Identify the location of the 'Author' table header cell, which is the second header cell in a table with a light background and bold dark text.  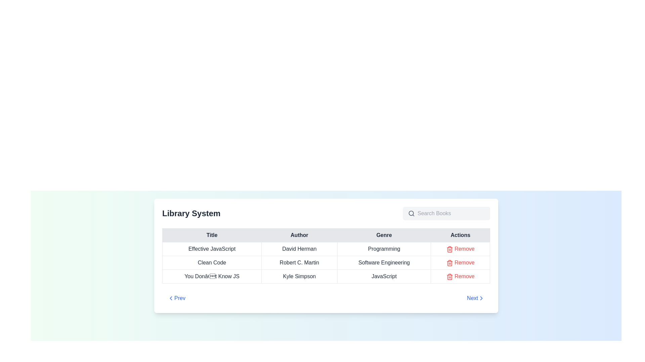
(299, 235).